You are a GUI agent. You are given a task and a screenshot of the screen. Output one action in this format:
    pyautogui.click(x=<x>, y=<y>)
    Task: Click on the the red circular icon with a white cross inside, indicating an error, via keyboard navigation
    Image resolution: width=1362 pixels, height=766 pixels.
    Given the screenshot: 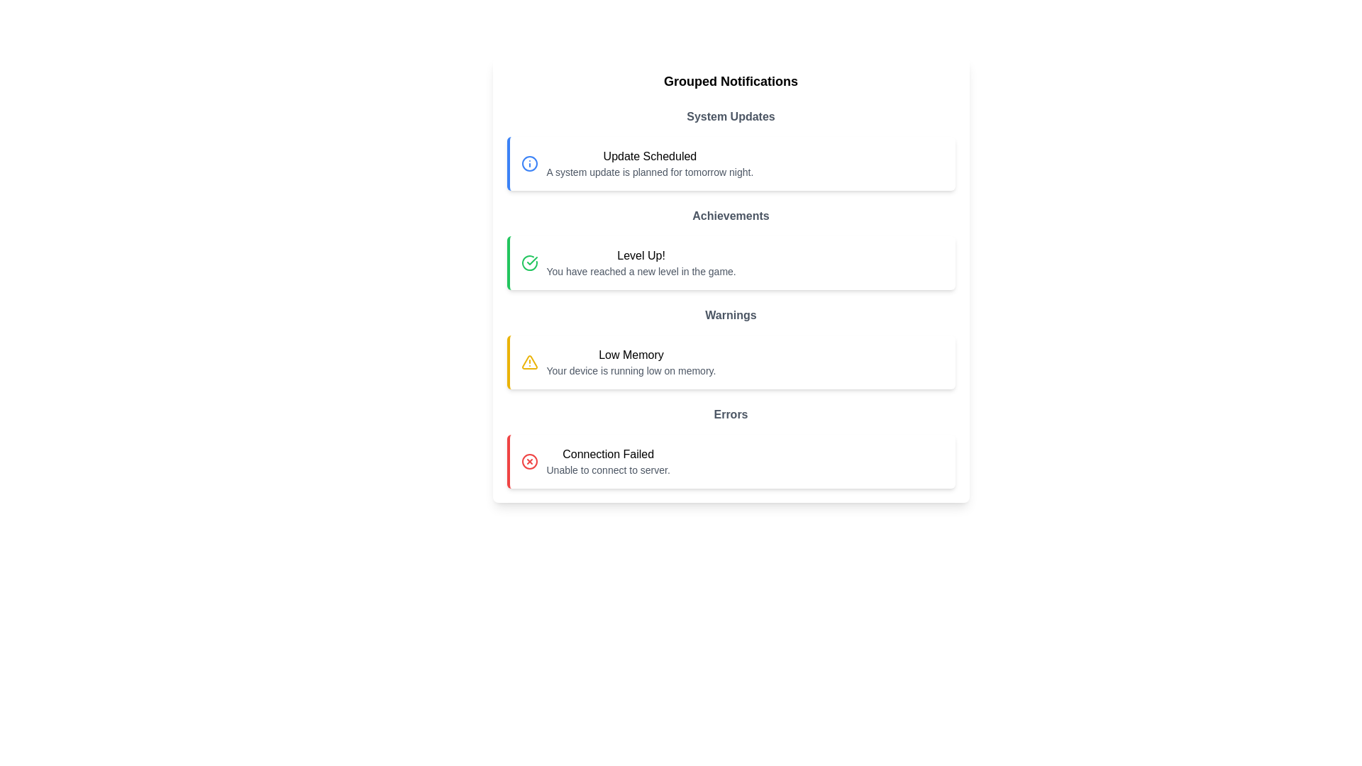 What is the action you would take?
    pyautogui.click(x=528, y=462)
    